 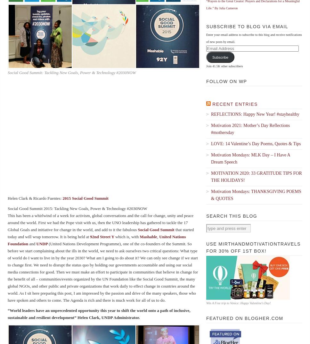 I want to click on 'Social Good Summit', so click(x=137, y=229).